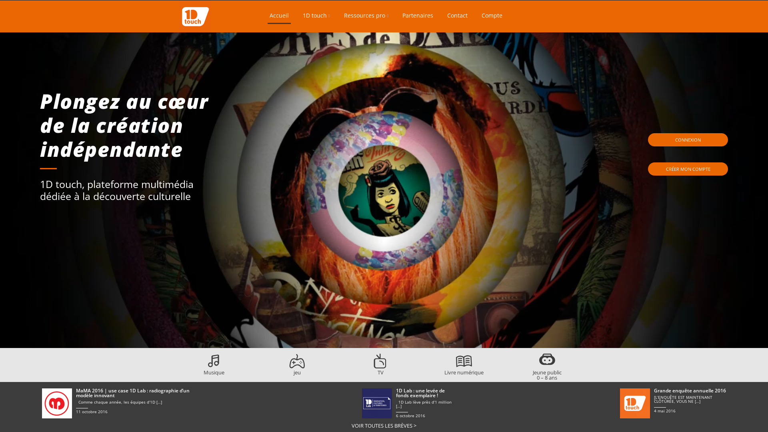 The height and width of the screenshot is (432, 768). Describe the element at coordinates (372, 370) in the screenshot. I see `'TV'` at that location.